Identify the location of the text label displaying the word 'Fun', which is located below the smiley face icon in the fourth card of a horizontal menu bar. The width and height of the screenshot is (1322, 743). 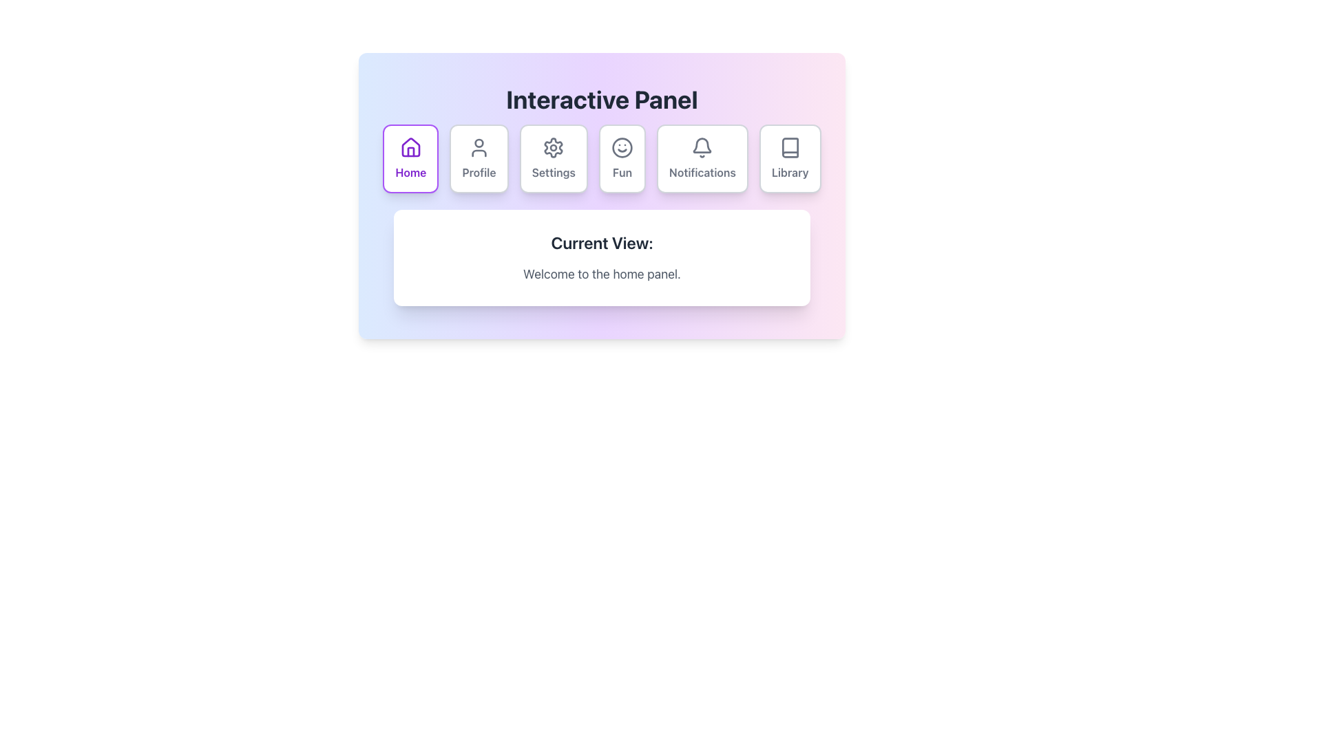
(621, 171).